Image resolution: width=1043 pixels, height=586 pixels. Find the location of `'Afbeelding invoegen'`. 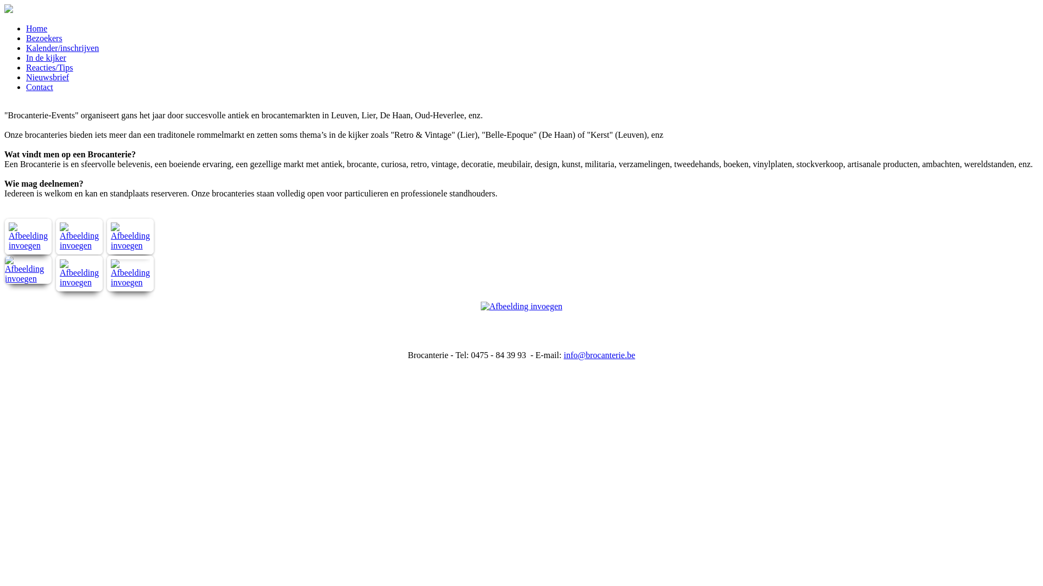

'Afbeelding invoegen' is located at coordinates (28, 278).